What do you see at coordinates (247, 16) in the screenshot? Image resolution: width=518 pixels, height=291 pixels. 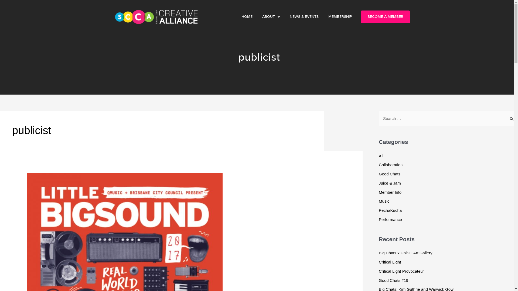 I see `'HOME'` at bounding box center [247, 16].